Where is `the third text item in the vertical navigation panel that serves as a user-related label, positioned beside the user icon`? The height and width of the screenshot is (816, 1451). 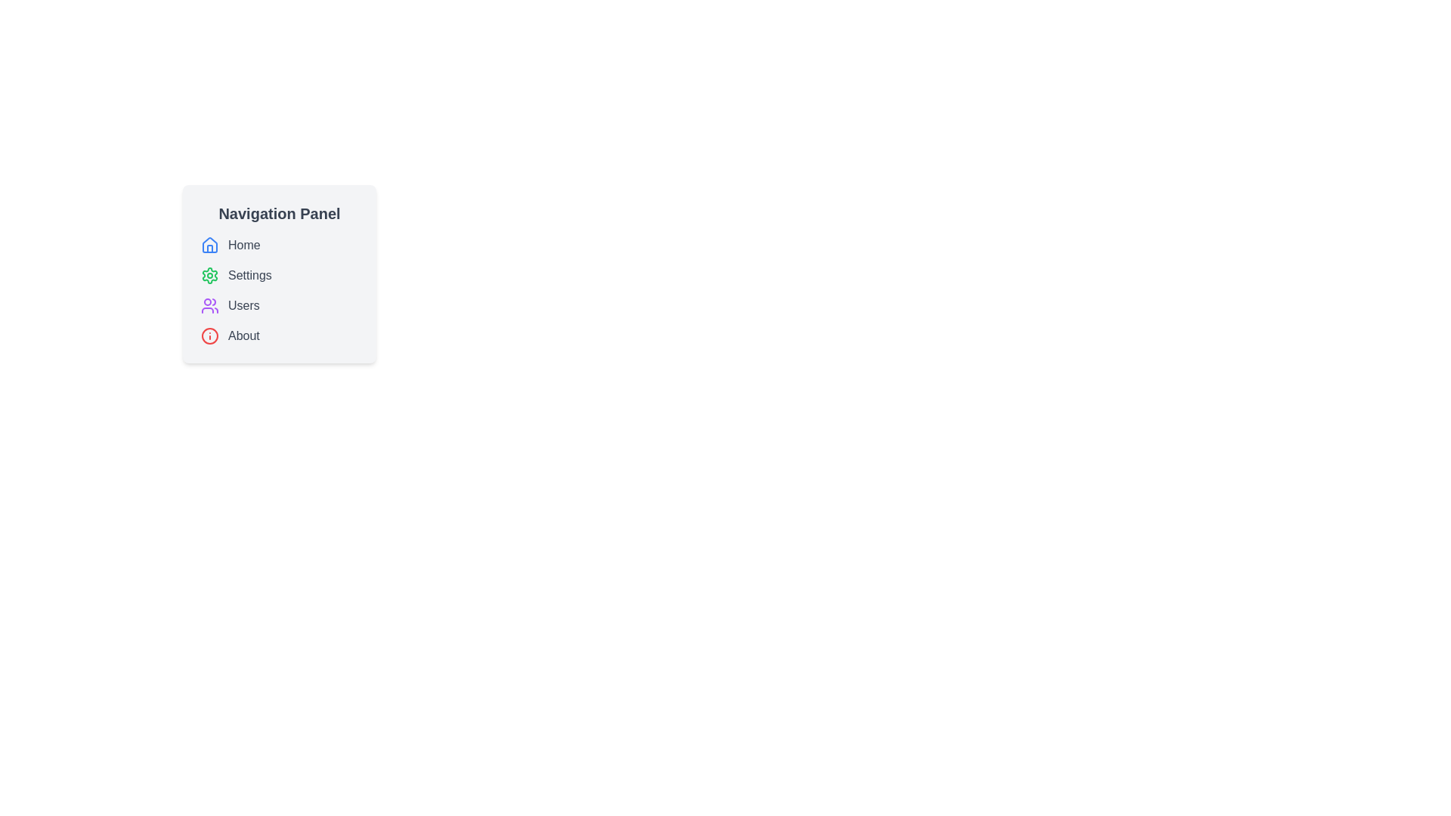 the third text item in the vertical navigation panel that serves as a user-related label, positioned beside the user icon is located at coordinates (243, 306).